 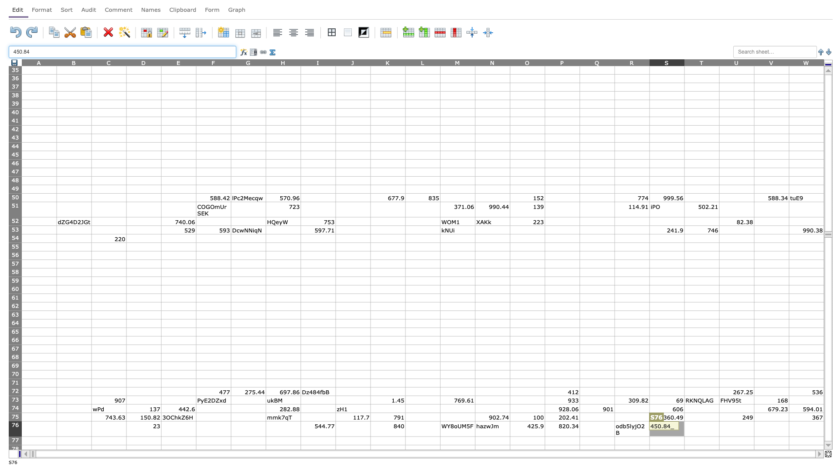 I want to click on top left corner of cell U76, so click(x=719, y=420).